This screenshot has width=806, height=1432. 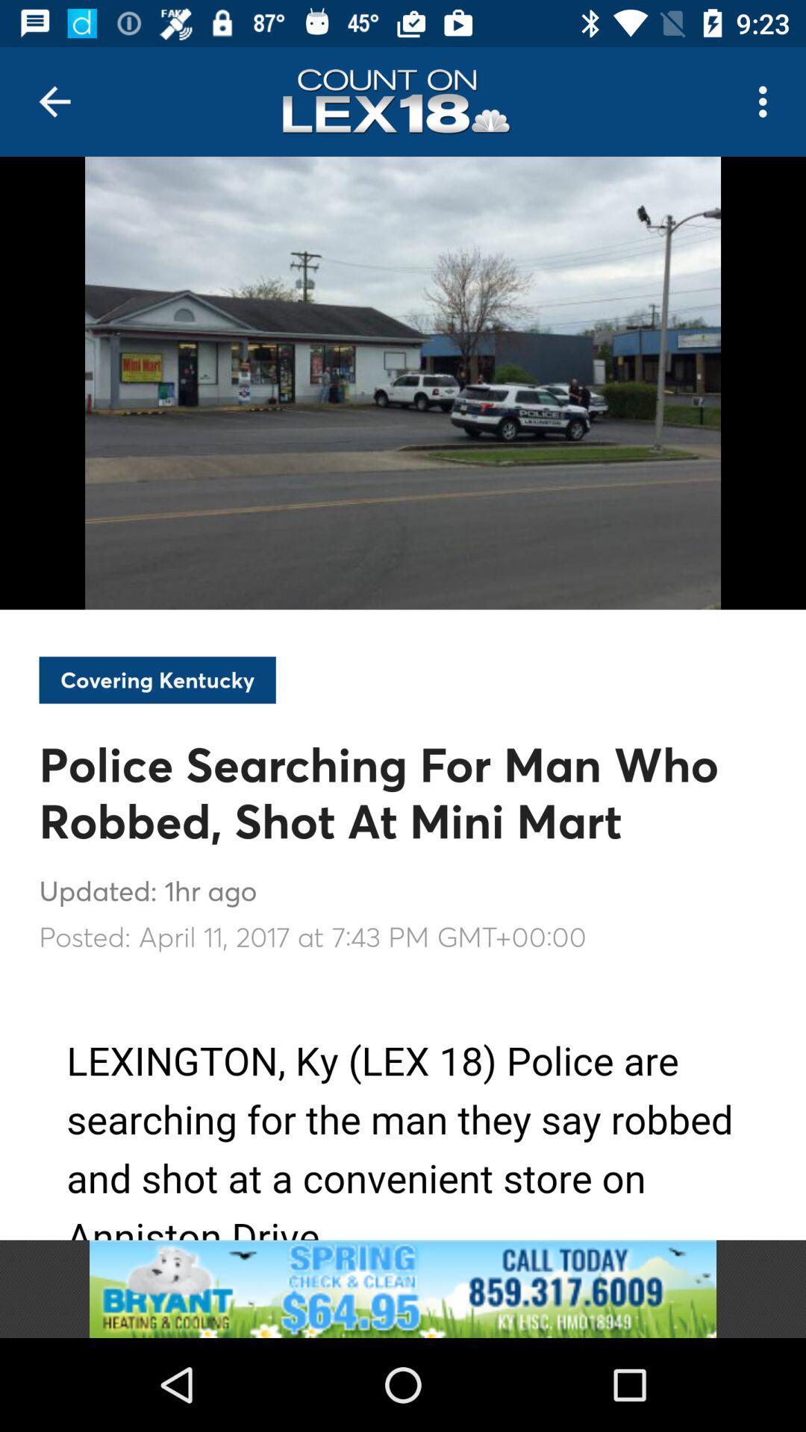 I want to click on bryant heating and cooling advertisement, so click(x=403, y=1288).